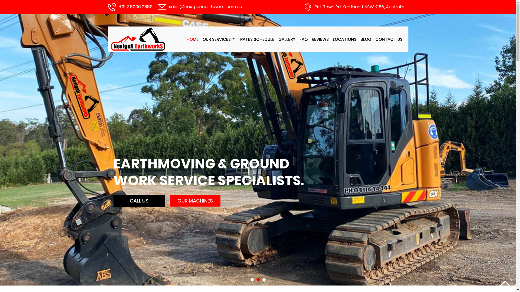 This screenshot has height=292, width=520. Describe the element at coordinates (188, 26) in the screenshot. I see `'SKIP TO CONTENT'` at that location.